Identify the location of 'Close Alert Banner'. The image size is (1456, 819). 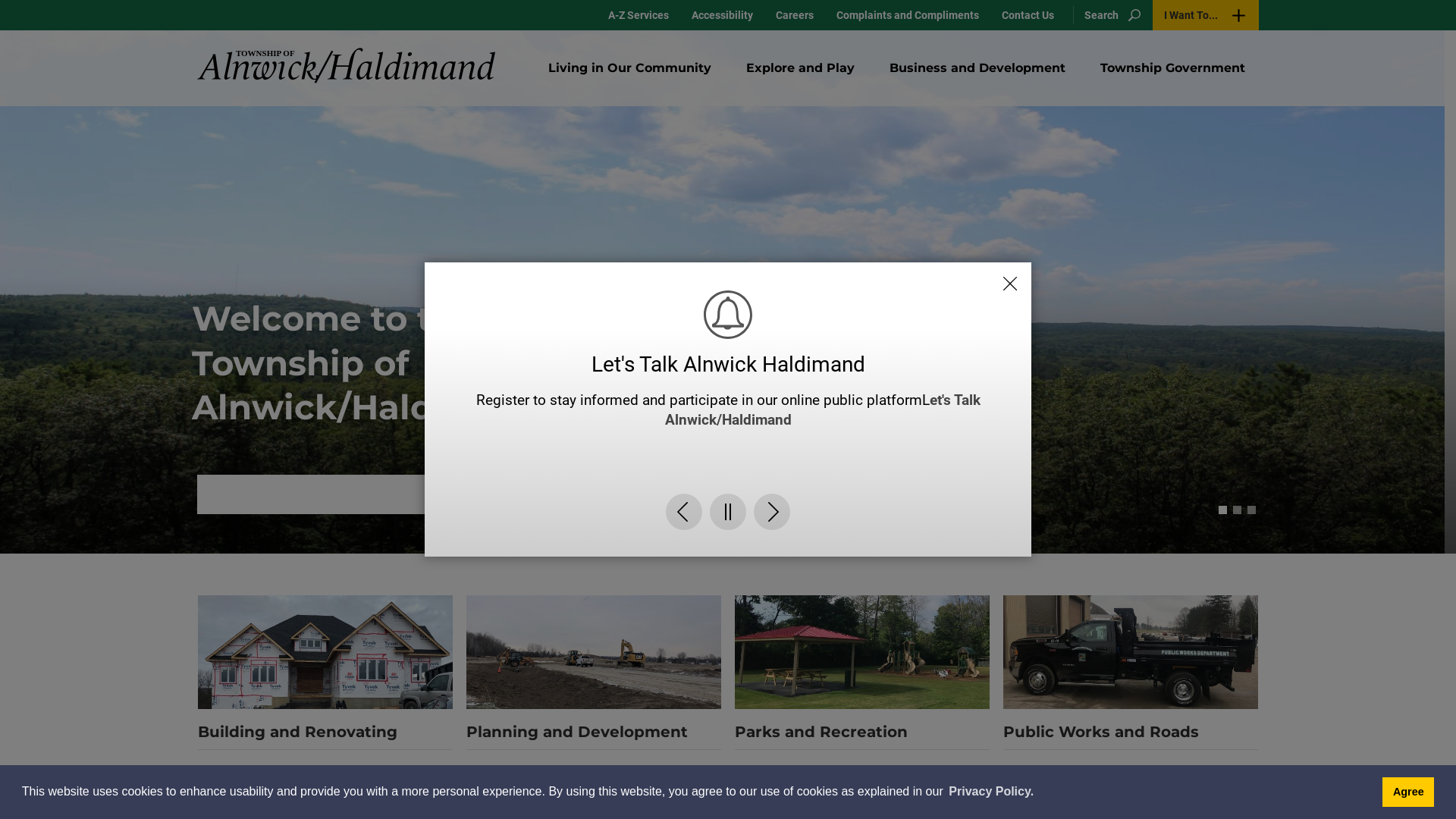
(1009, 268).